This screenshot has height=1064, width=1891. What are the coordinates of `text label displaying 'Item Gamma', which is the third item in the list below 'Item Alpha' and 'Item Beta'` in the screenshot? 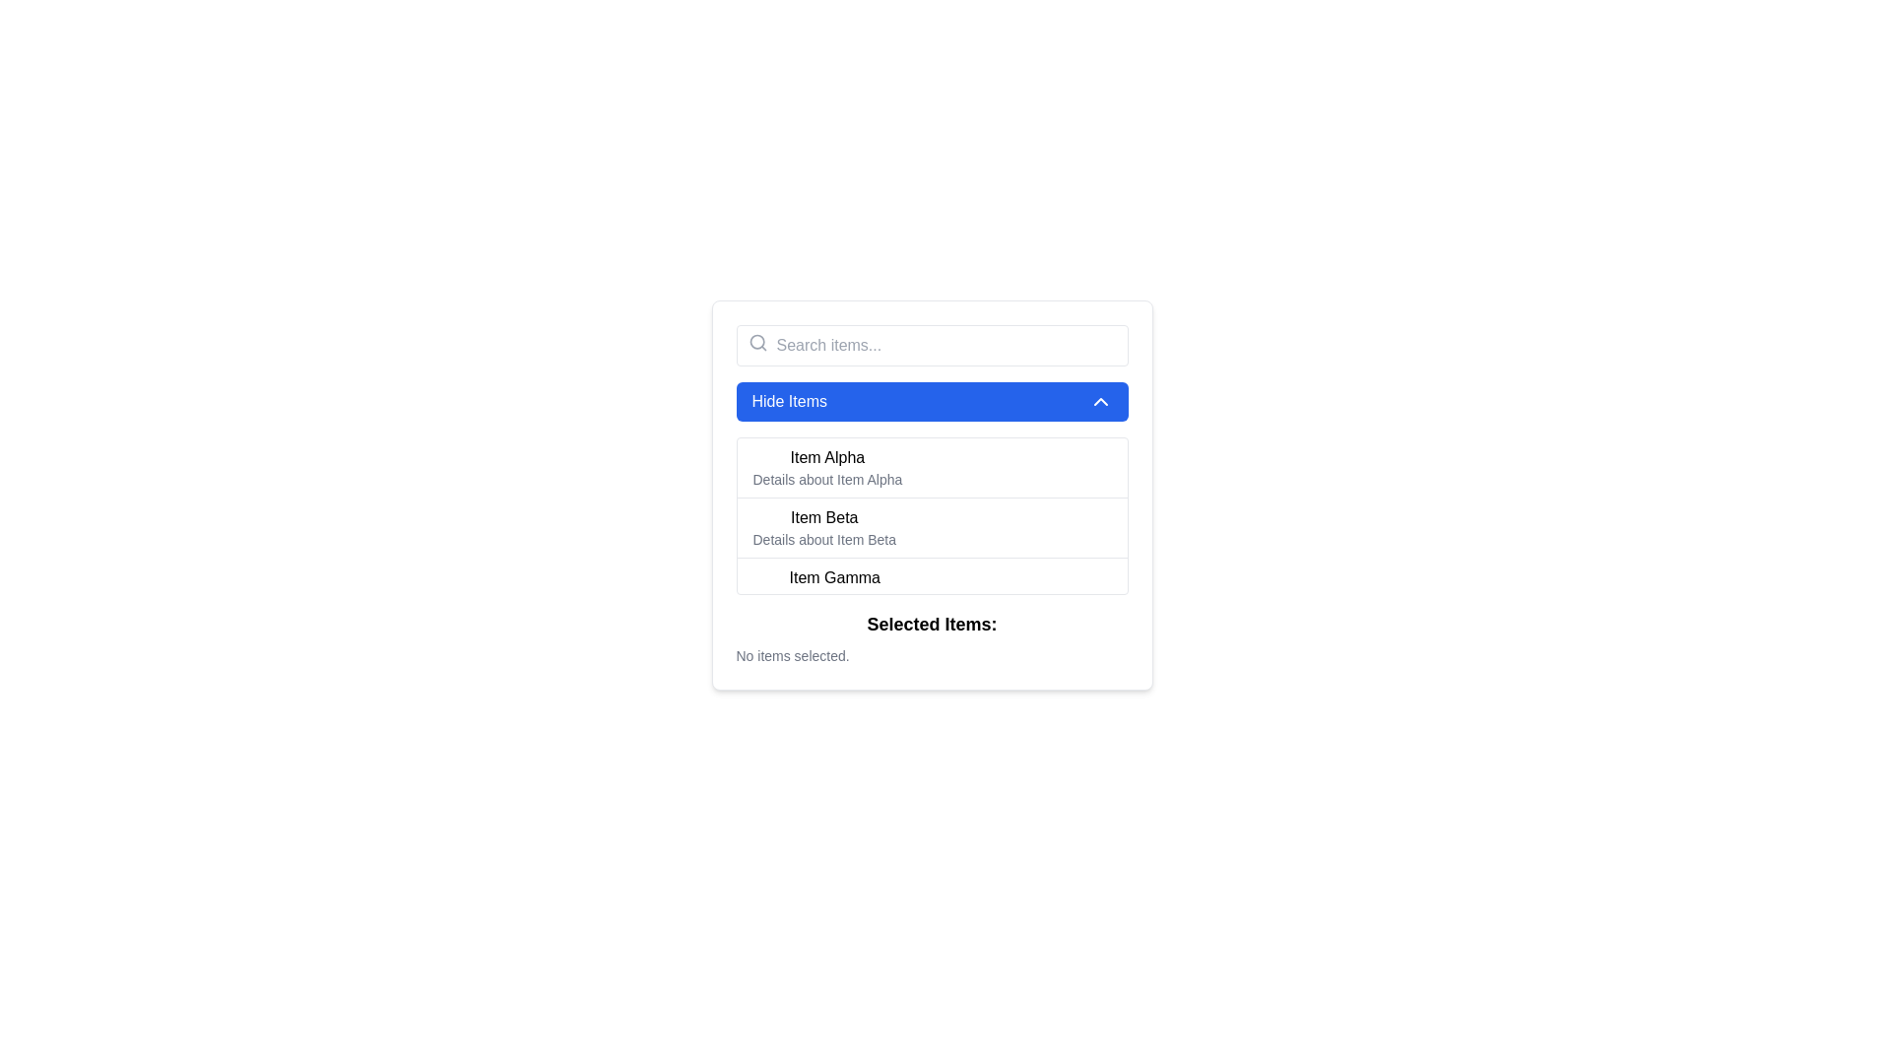 It's located at (834, 576).